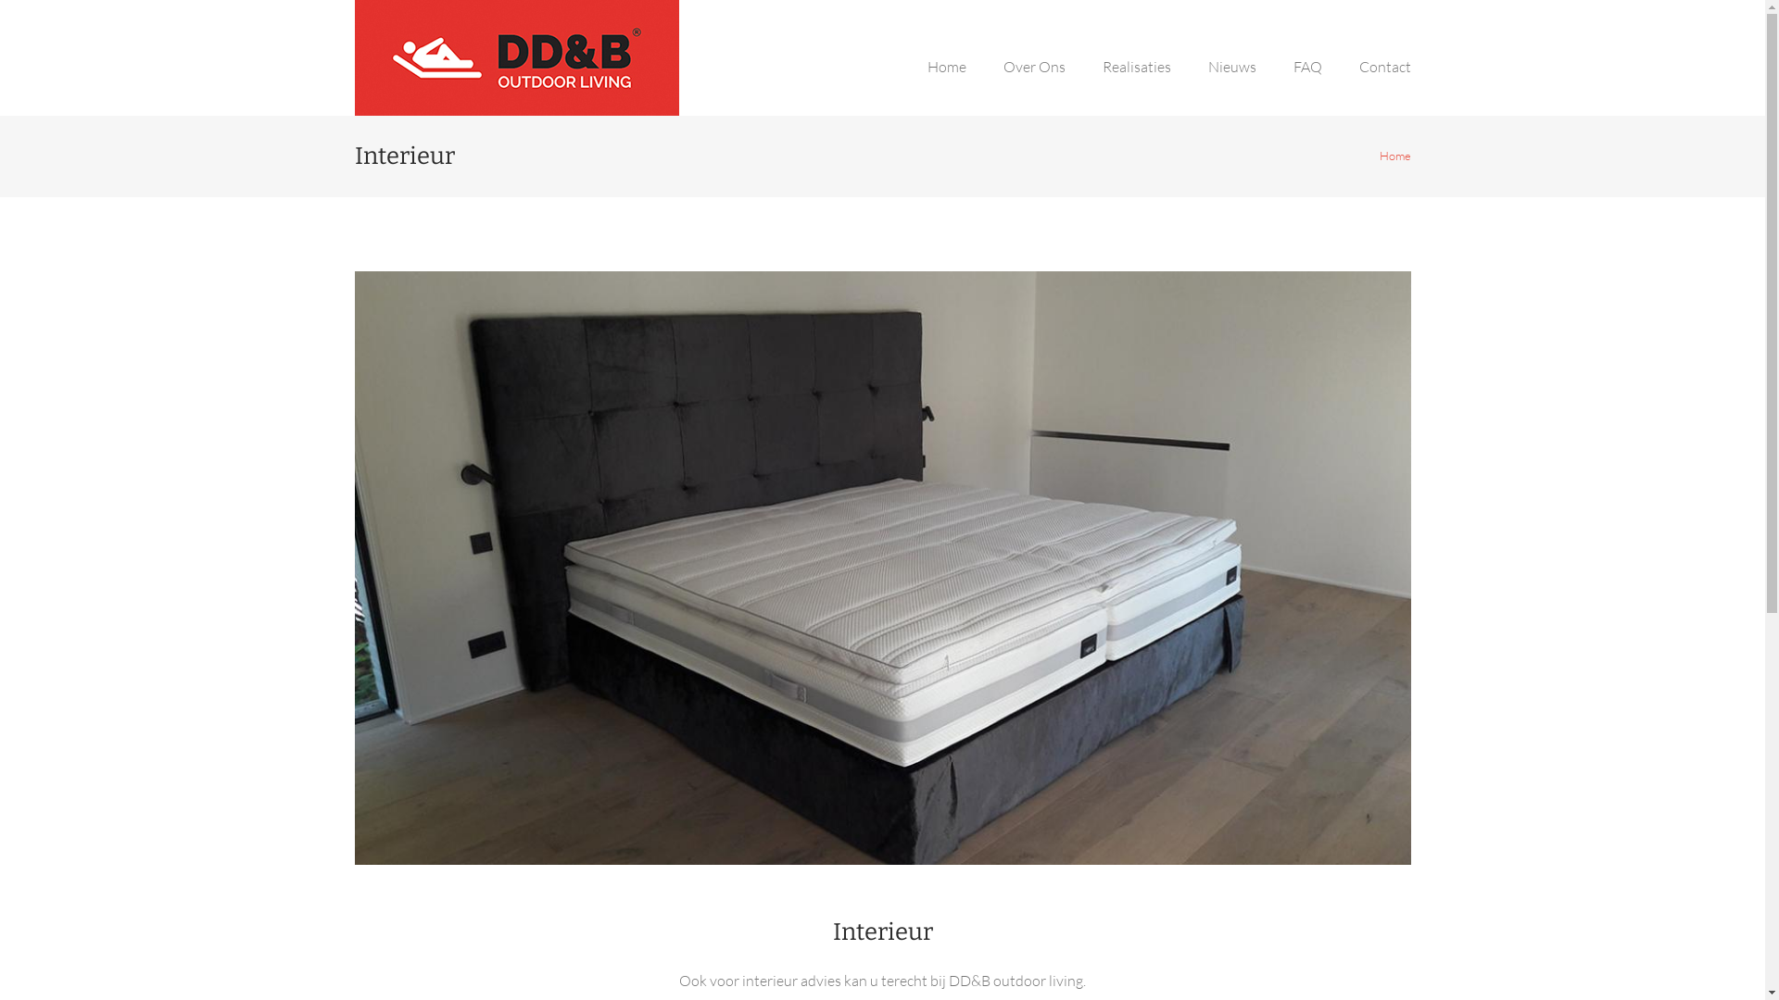 The image size is (1779, 1000). Describe the element at coordinates (1306, 86) in the screenshot. I see `'FAQ'` at that location.